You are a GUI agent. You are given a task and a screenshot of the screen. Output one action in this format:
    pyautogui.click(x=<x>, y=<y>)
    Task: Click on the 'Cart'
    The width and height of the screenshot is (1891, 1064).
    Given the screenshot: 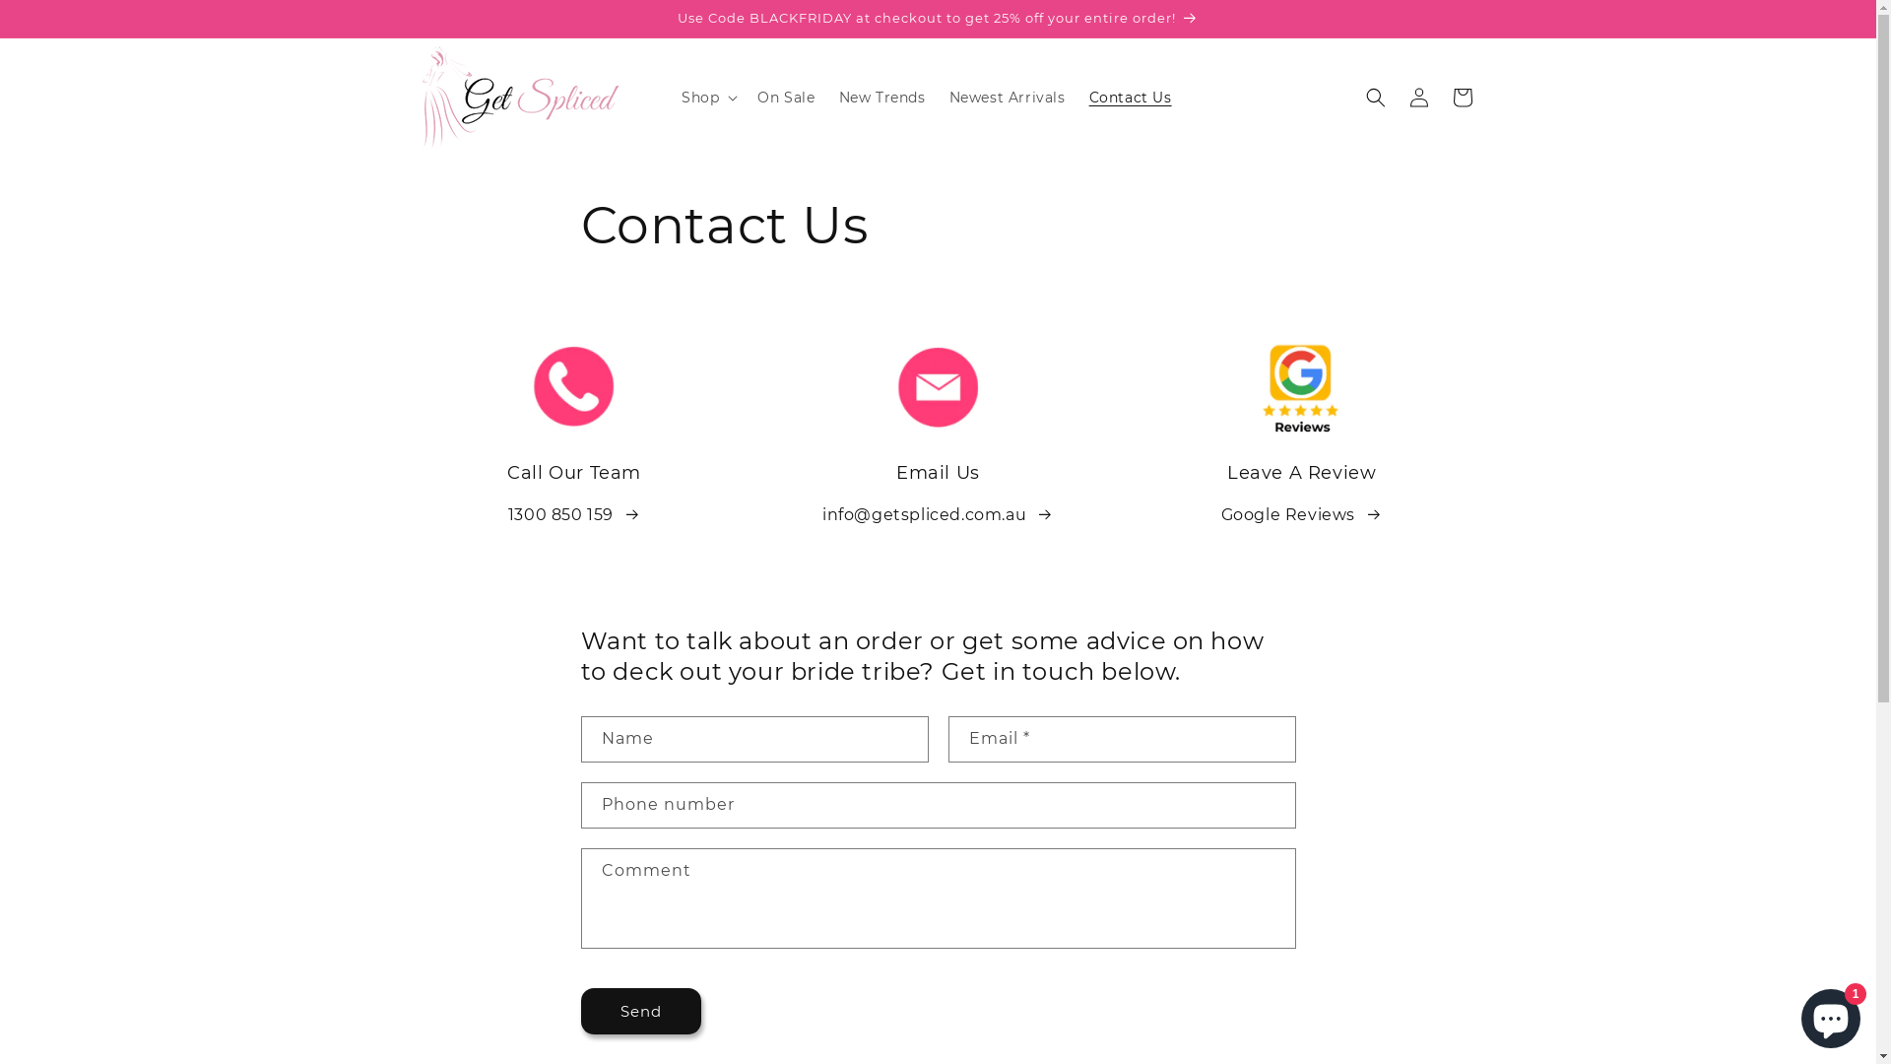 What is the action you would take?
    pyautogui.click(x=1461, y=98)
    